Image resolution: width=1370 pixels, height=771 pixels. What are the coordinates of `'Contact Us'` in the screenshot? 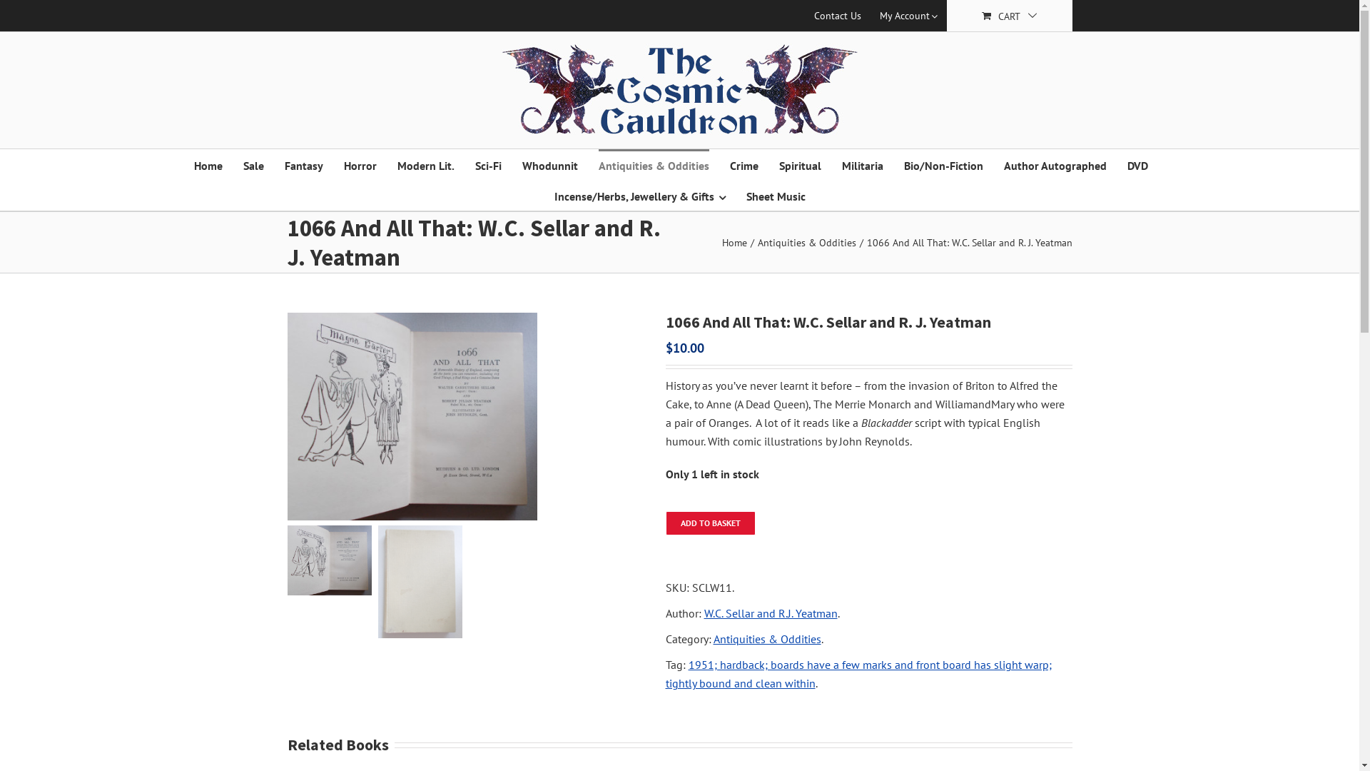 It's located at (838, 16).